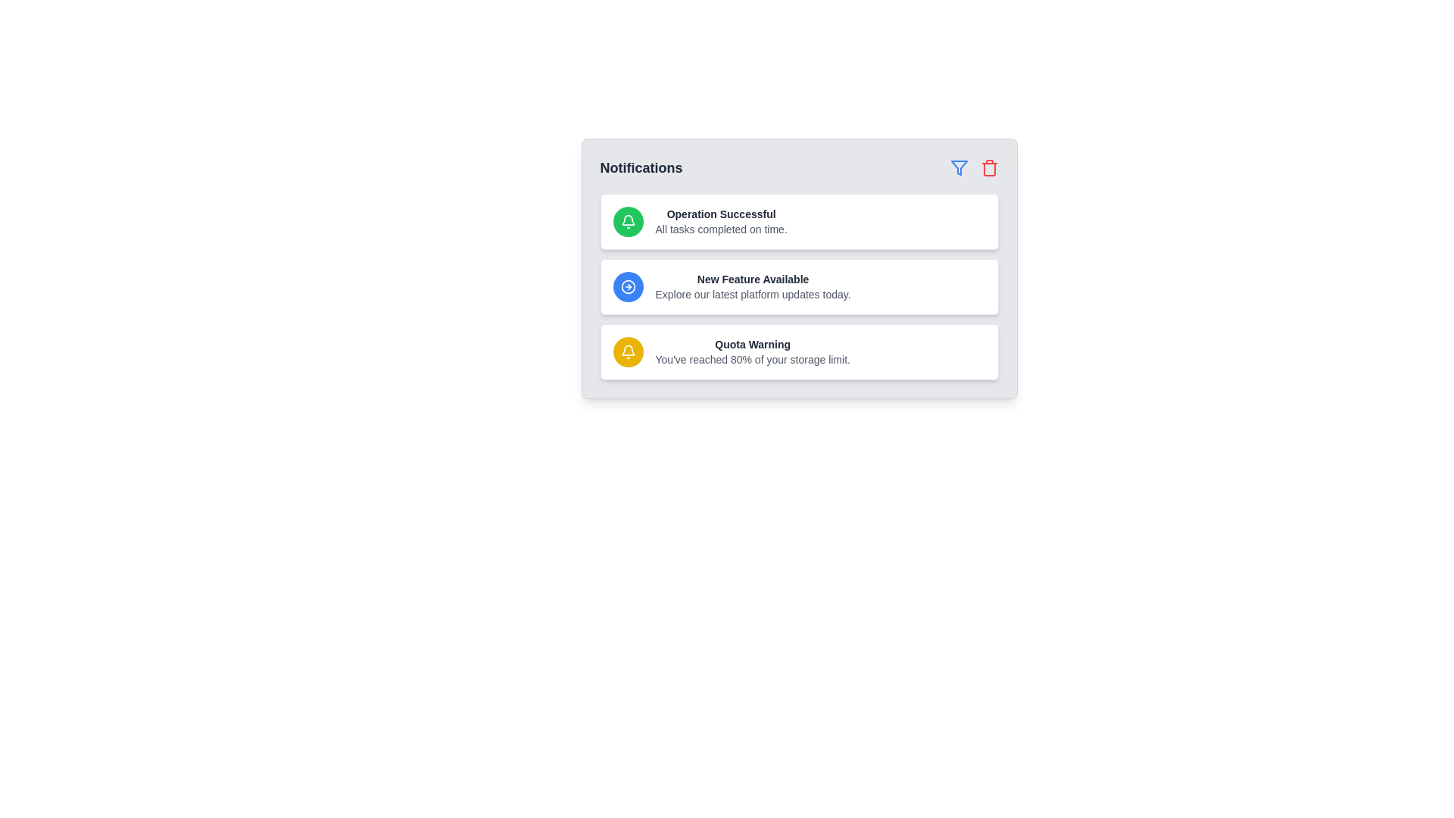 The width and height of the screenshot is (1454, 818). I want to click on the text content of the 'Quota Warning' label, which is a bold text element located at the top of the third notification entry in the notification panel, so click(753, 345).